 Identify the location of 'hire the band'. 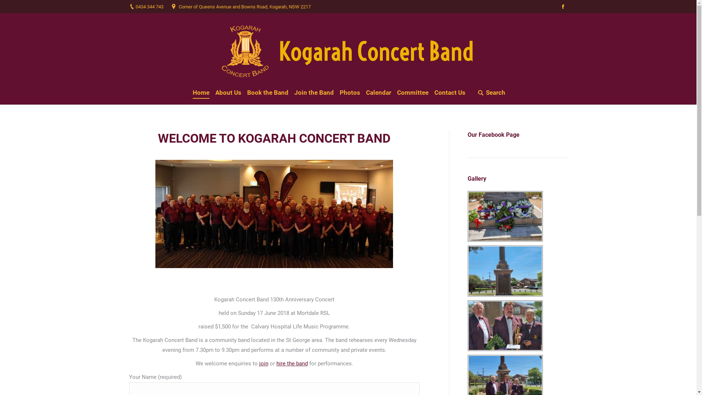
(291, 364).